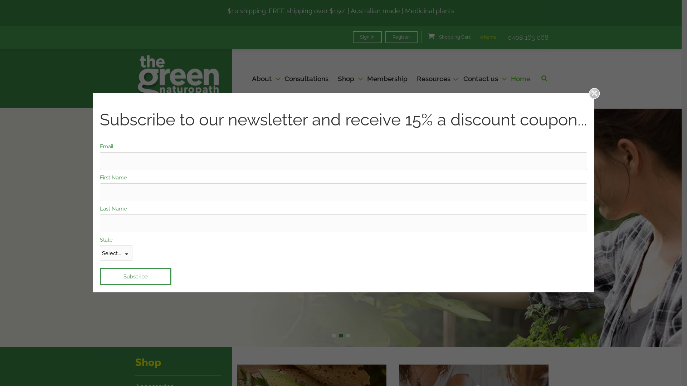 The image size is (687, 386). What do you see at coordinates (263, 78) in the screenshot?
I see `'About'` at bounding box center [263, 78].